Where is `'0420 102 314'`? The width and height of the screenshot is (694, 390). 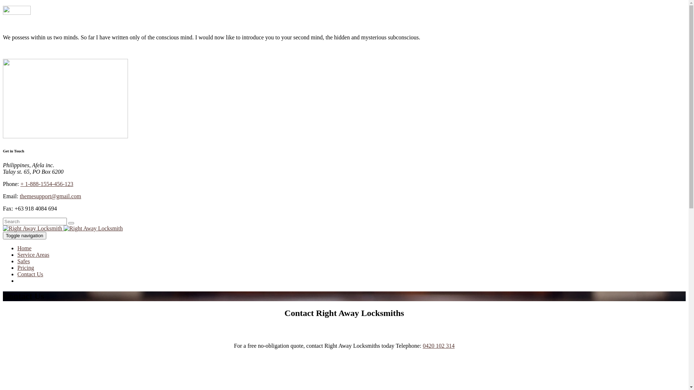
'0420 102 314' is located at coordinates (438, 345).